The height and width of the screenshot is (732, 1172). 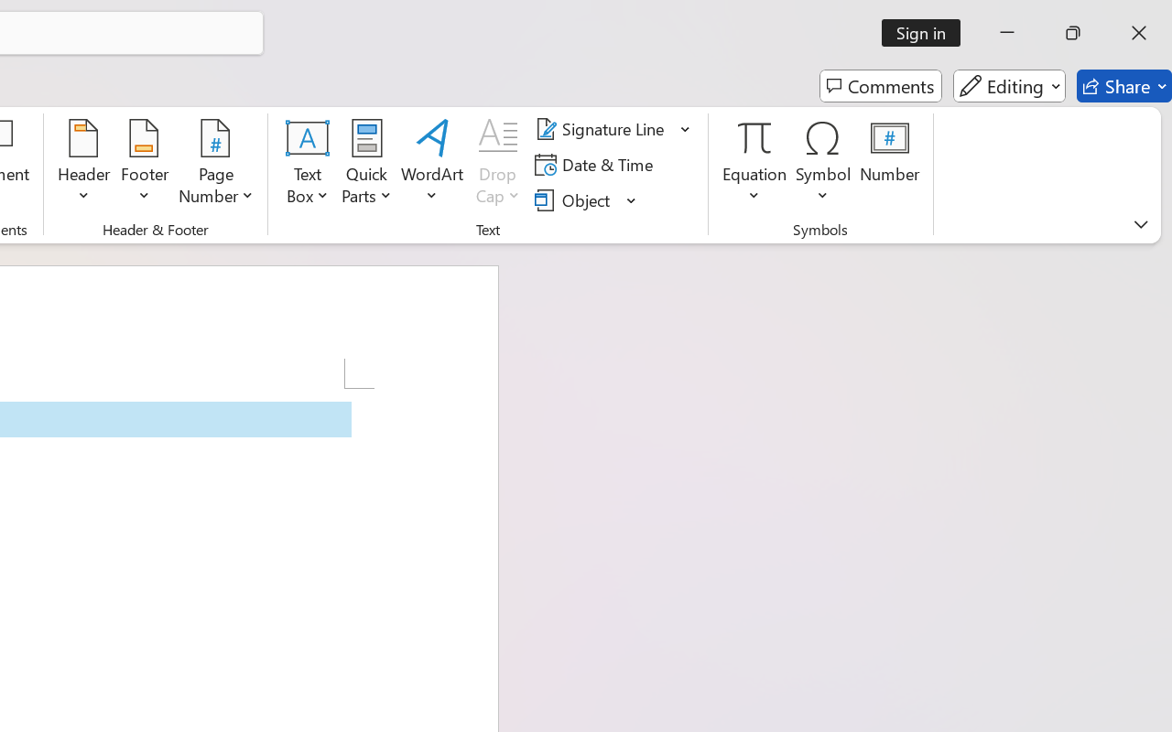 I want to click on 'Sign in', so click(x=928, y=32).